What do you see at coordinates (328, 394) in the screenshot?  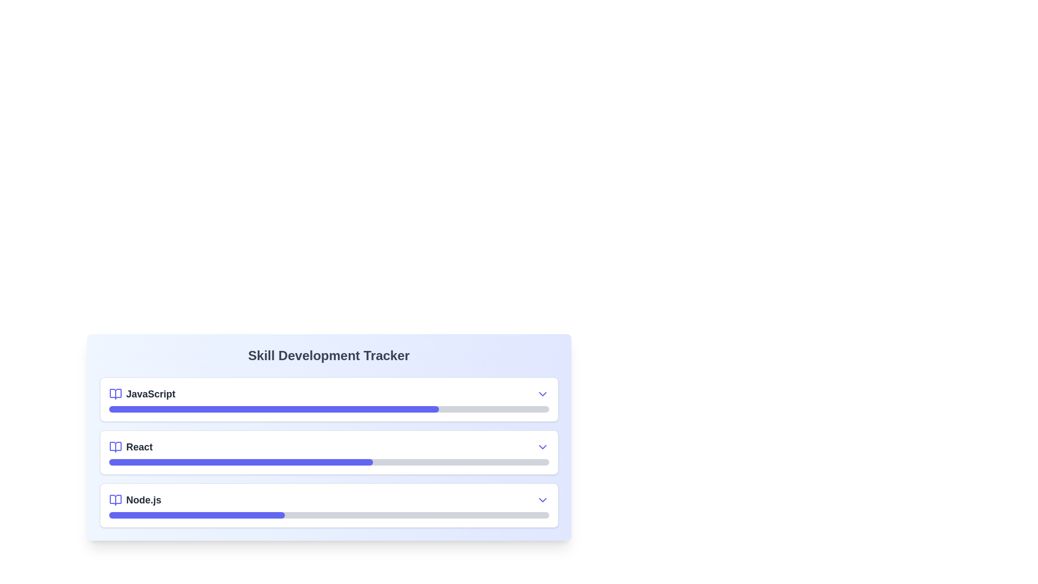 I see `the 'JavaScript' list item for selection` at bounding box center [328, 394].